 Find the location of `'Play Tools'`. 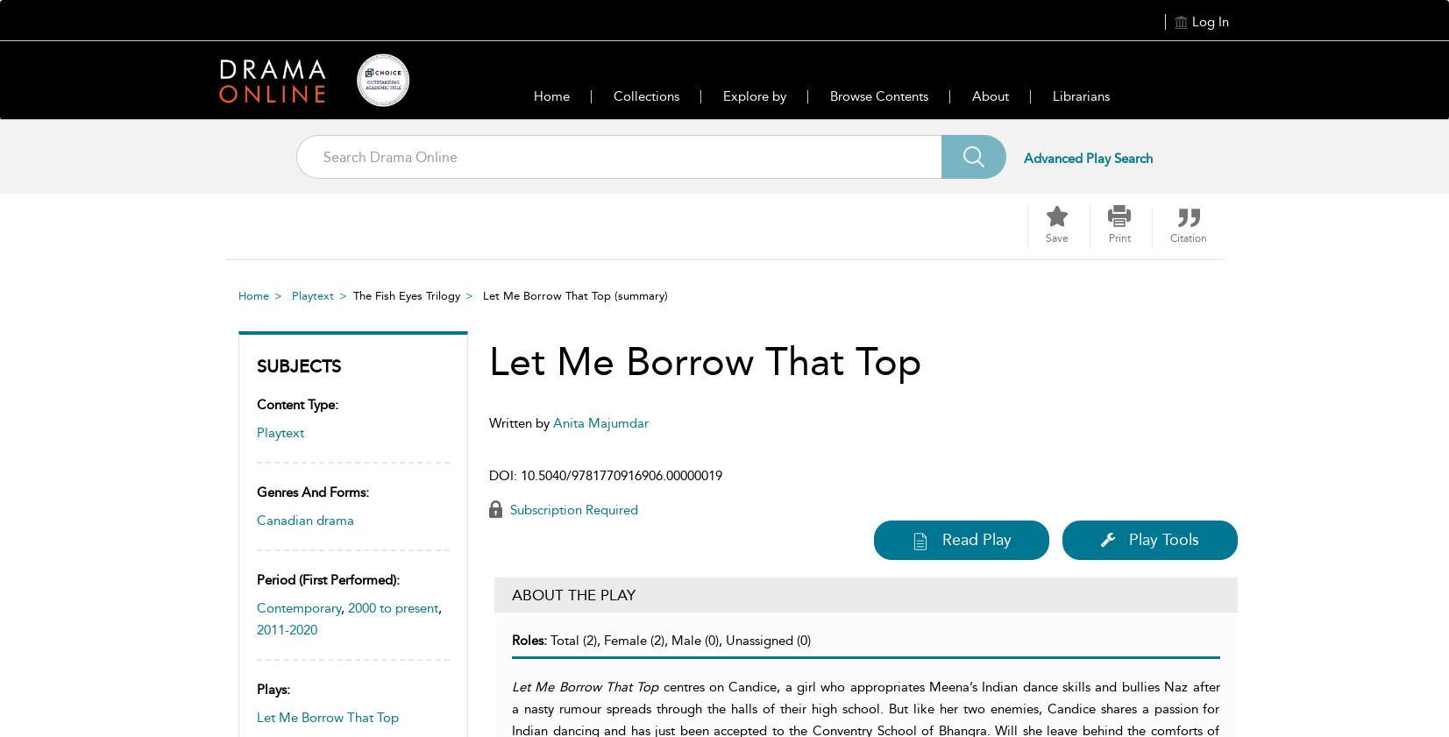

'Play Tools' is located at coordinates (1163, 540).